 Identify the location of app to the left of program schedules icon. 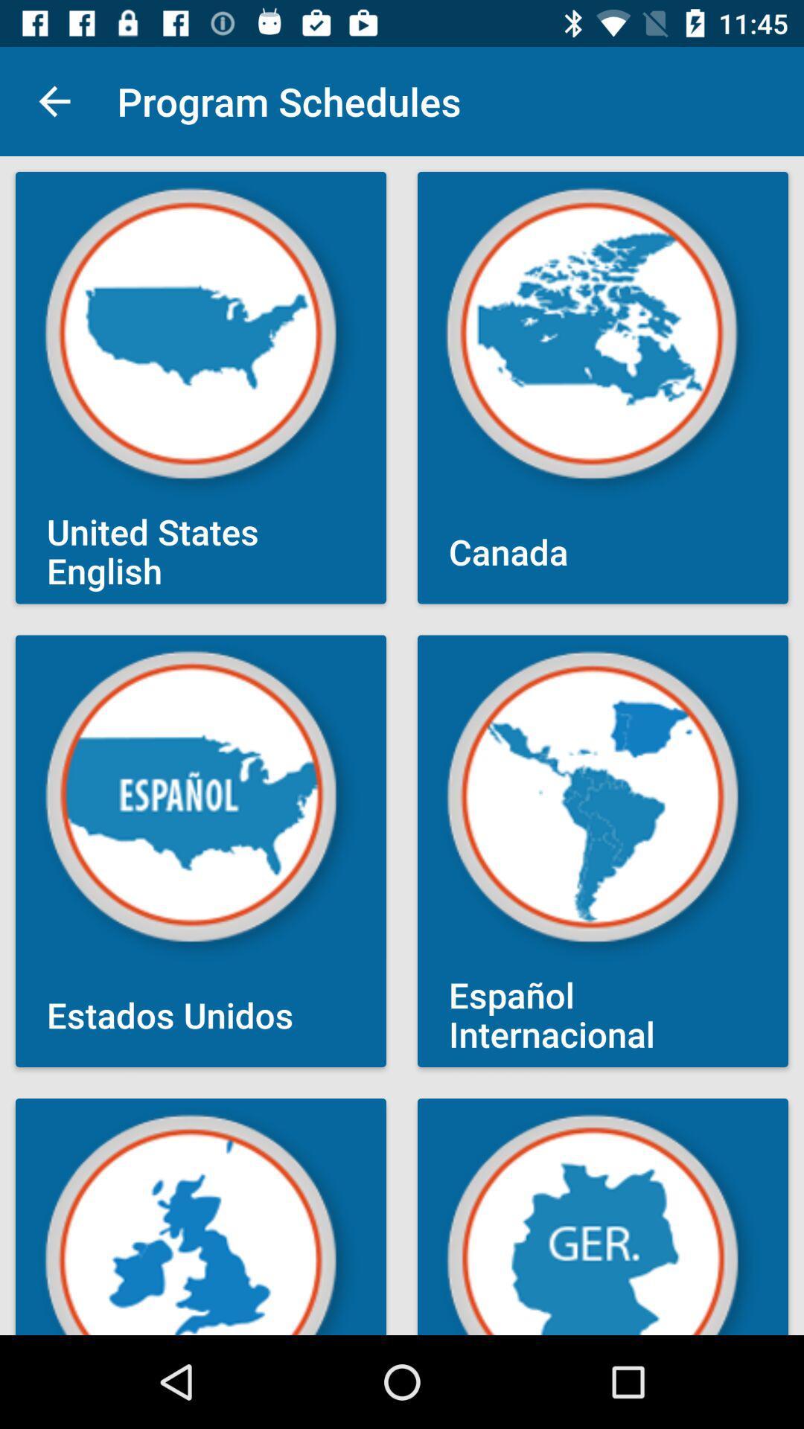
(54, 100).